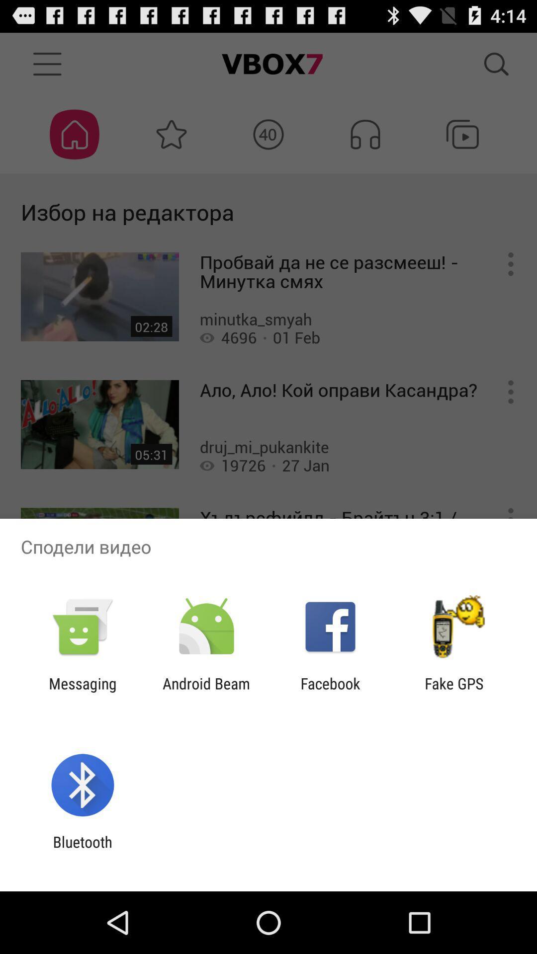 The width and height of the screenshot is (537, 954). I want to click on facebook app, so click(330, 692).